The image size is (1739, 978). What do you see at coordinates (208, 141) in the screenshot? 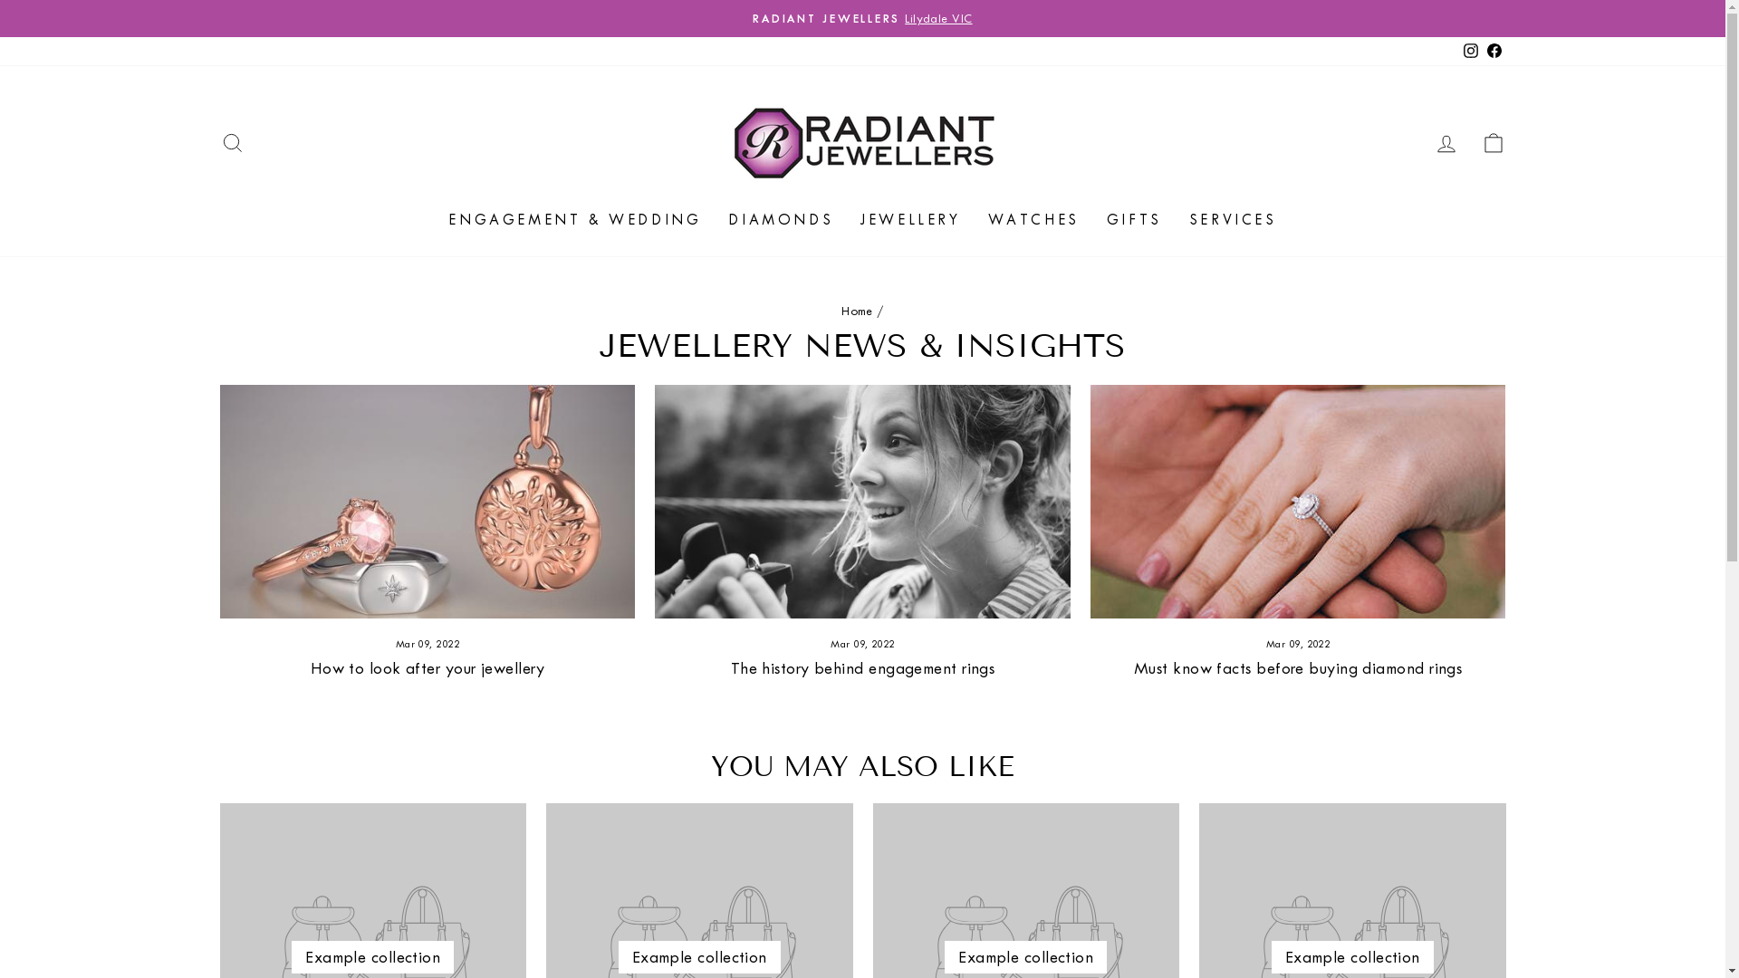
I see `'SEARCH'` at bounding box center [208, 141].